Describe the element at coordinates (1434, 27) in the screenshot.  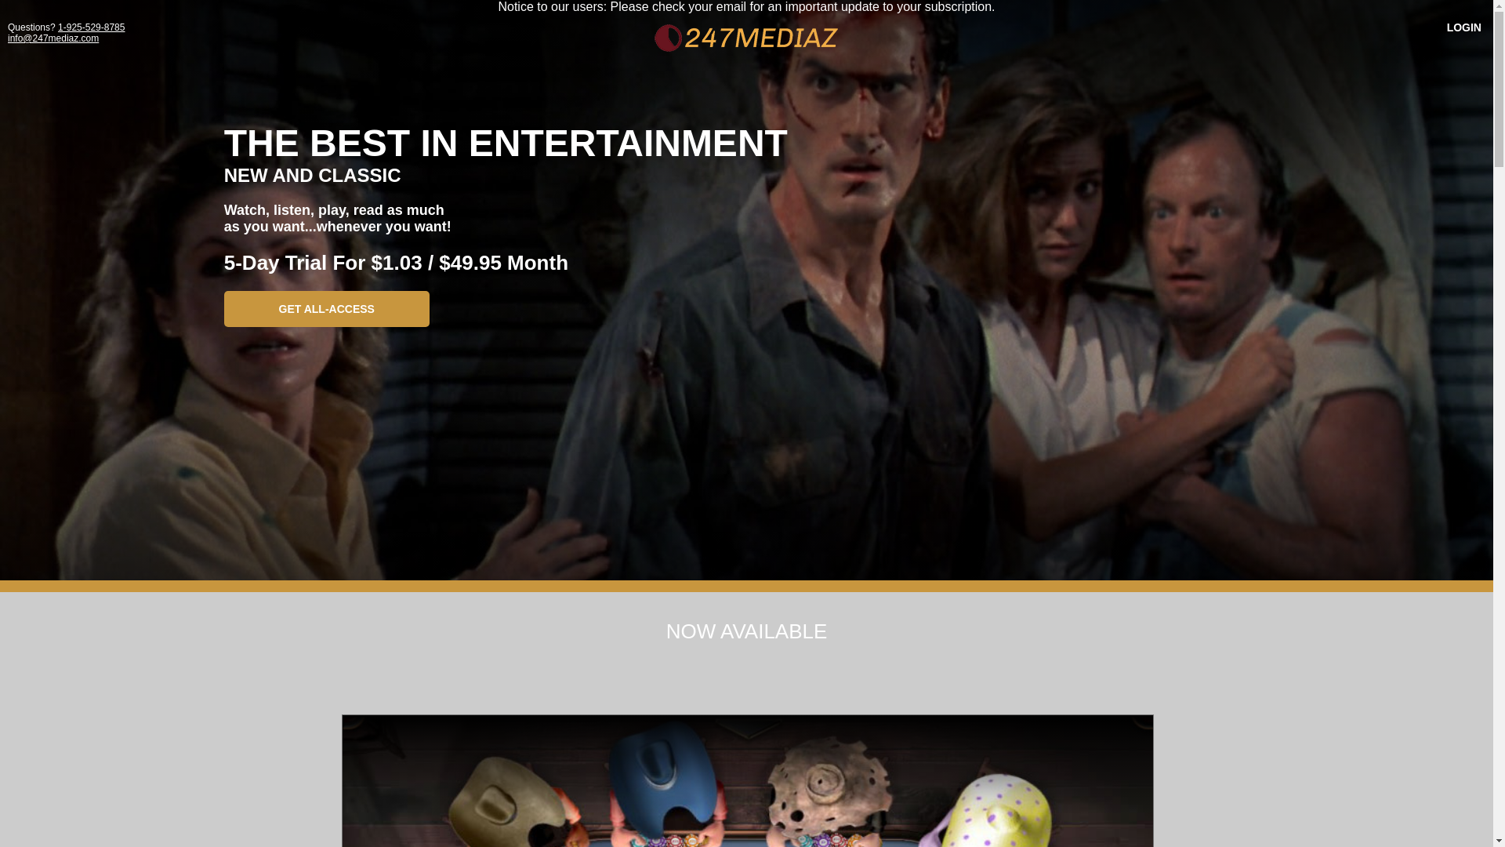
I see `'LOGIN'` at that location.